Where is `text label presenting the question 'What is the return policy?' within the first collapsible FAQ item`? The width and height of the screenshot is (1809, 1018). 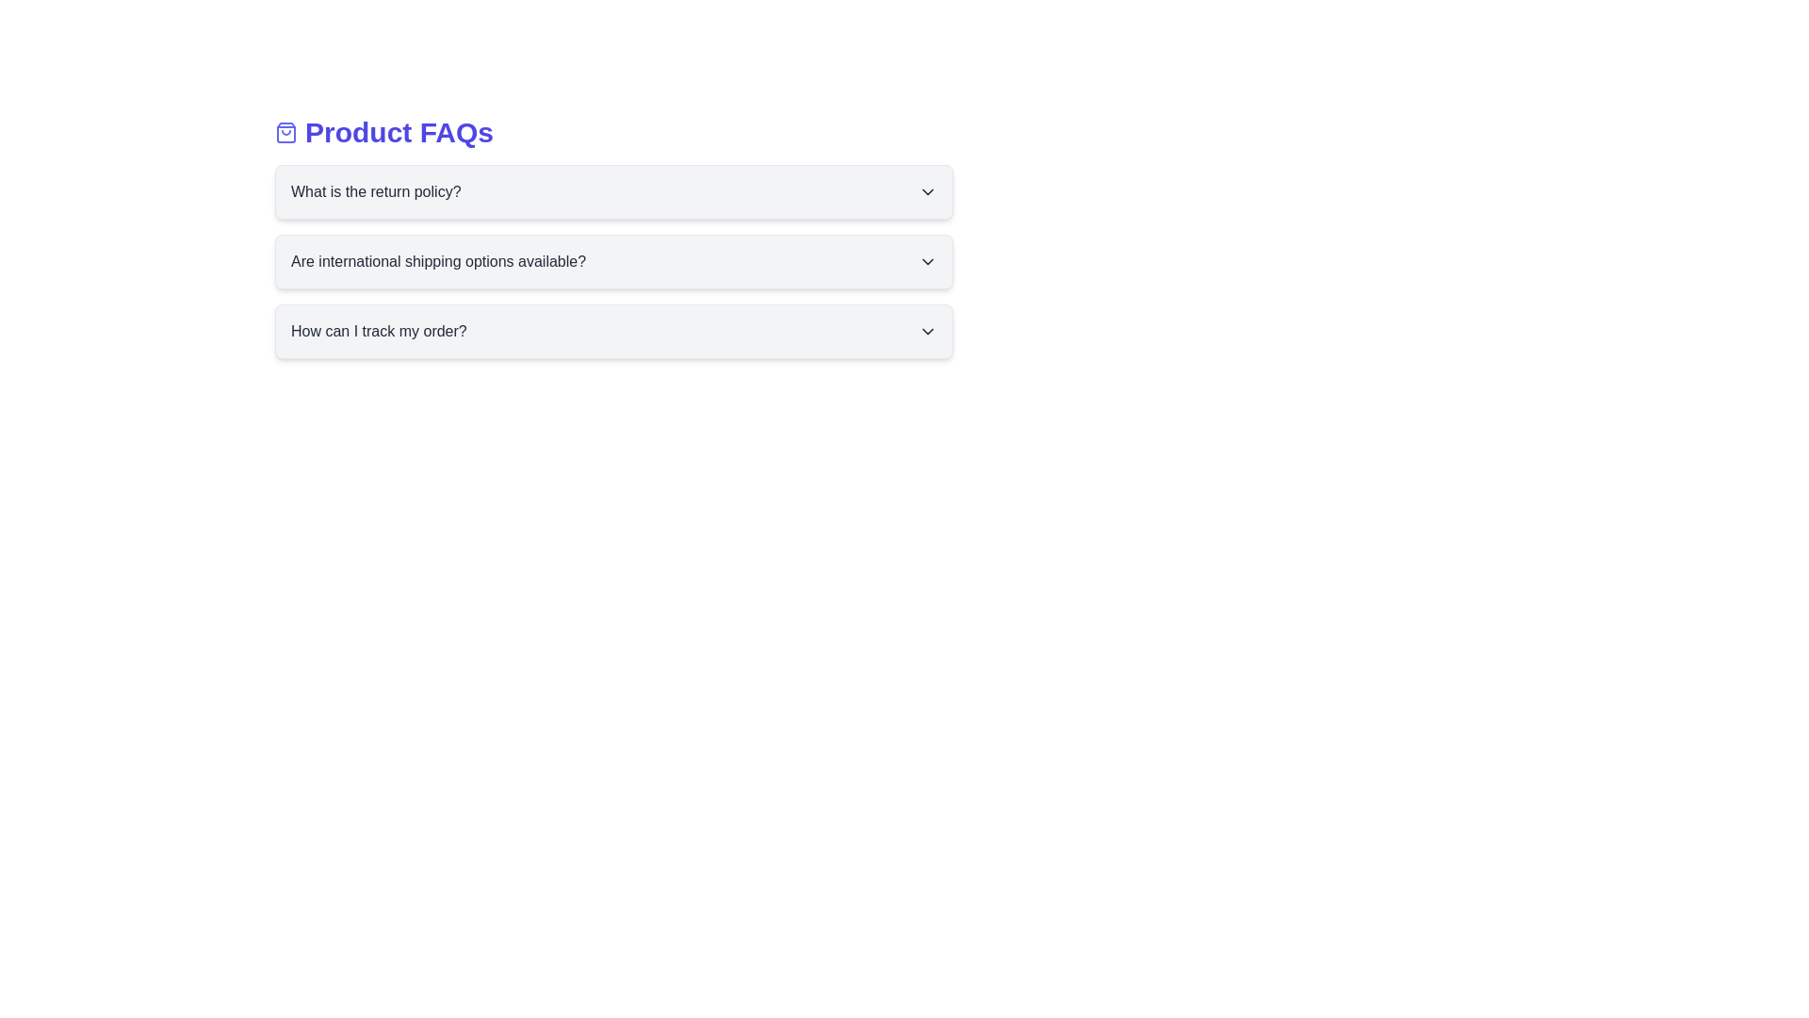
text label presenting the question 'What is the return policy?' within the first collapsible FAQ item is located at coordinates (376, 192).